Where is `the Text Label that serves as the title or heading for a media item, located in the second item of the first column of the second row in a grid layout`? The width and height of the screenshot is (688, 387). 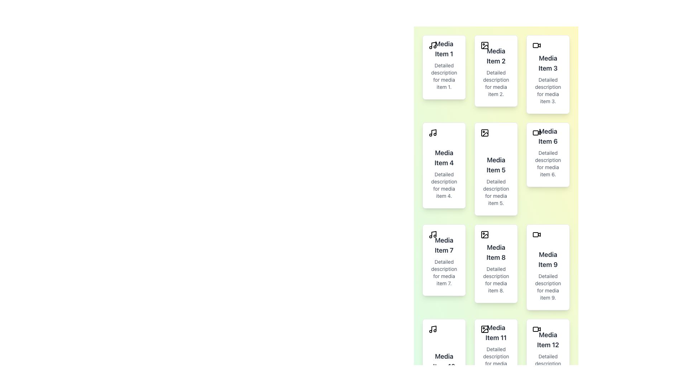 the Text Label that serves as the title or heading for a media item, located in the second item of the first column of the second row in a grid layout is located at coordinates (496, 165).